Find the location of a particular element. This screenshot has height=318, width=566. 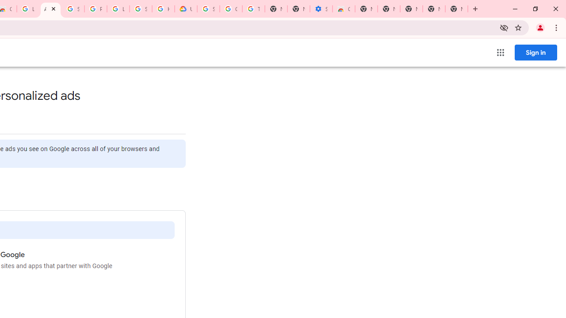

'Restore' is located at coordinates (535, 9).